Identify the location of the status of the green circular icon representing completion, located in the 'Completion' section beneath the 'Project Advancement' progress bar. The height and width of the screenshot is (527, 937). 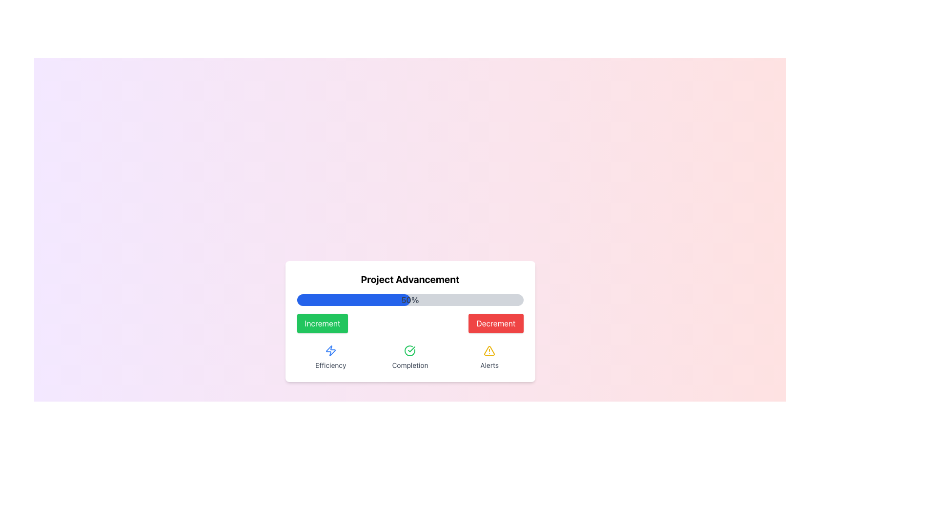
(410, 350).